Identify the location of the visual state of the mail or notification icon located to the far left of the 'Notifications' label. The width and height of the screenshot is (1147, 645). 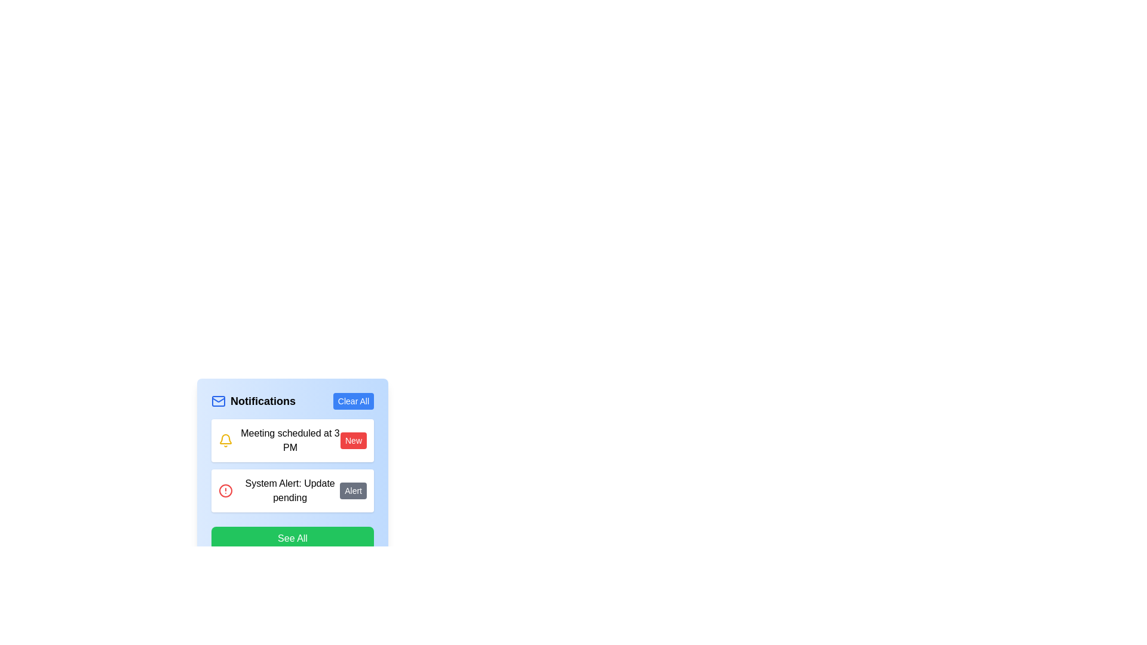
(218, 401).